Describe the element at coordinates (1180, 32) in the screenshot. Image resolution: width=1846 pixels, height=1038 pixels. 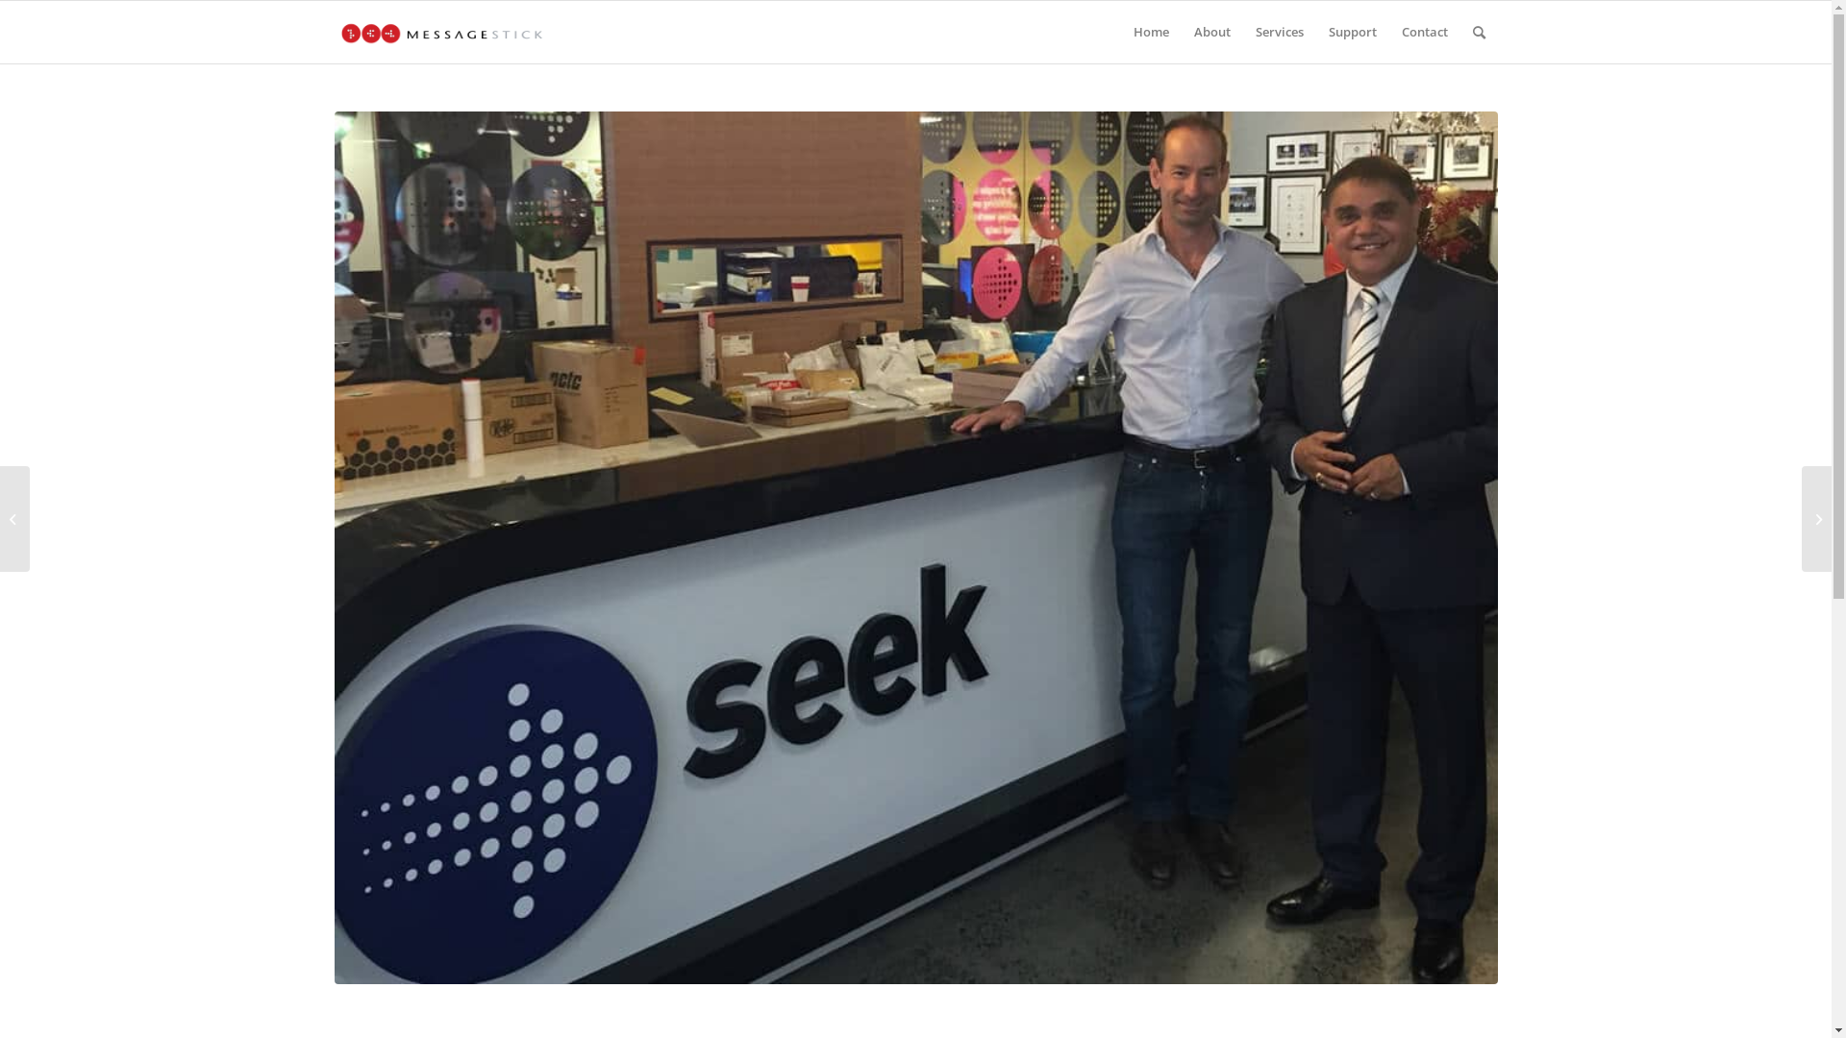
I see `'About'` at that location.